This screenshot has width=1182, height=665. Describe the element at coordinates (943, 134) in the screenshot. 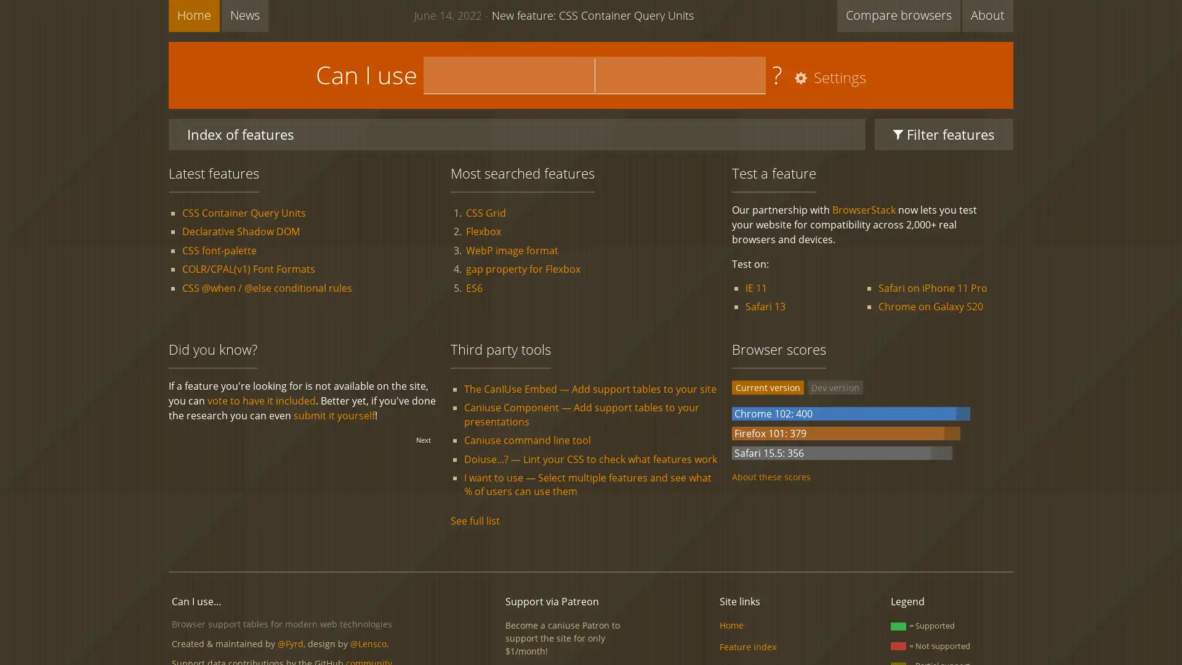

I see `Filter features` at that location.